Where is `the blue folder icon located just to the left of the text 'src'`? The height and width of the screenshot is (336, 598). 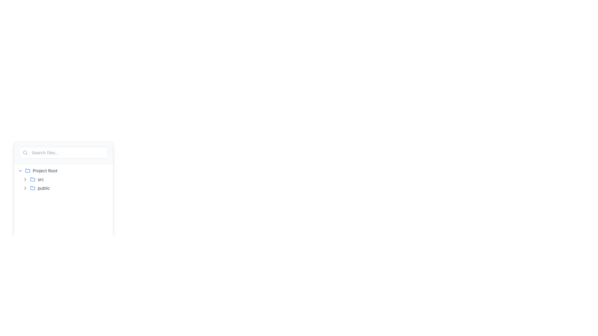 the blue folder icon located just to the left of the text 'src' is located at coordinates (32, 180).